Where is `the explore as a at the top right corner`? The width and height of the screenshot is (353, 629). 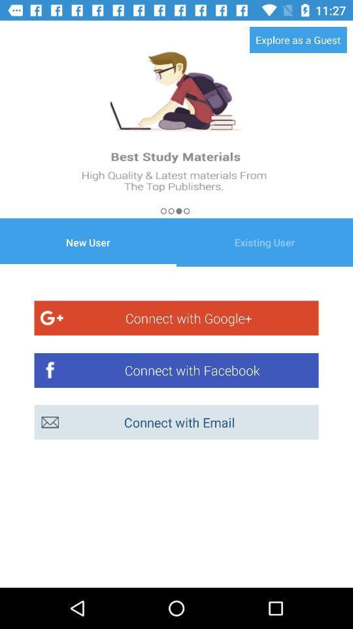 the explore as a at the top right corner is located at coordinates (298, 39).